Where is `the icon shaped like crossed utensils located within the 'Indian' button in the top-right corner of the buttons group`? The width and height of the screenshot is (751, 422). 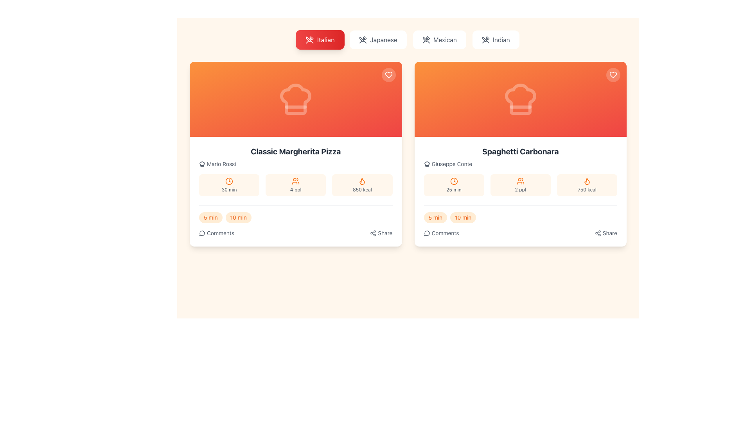 the icon shaped like crossed utensils located within the 'Indian' button in the top-right corner of the buttons group is located at coordinates (485, 39).